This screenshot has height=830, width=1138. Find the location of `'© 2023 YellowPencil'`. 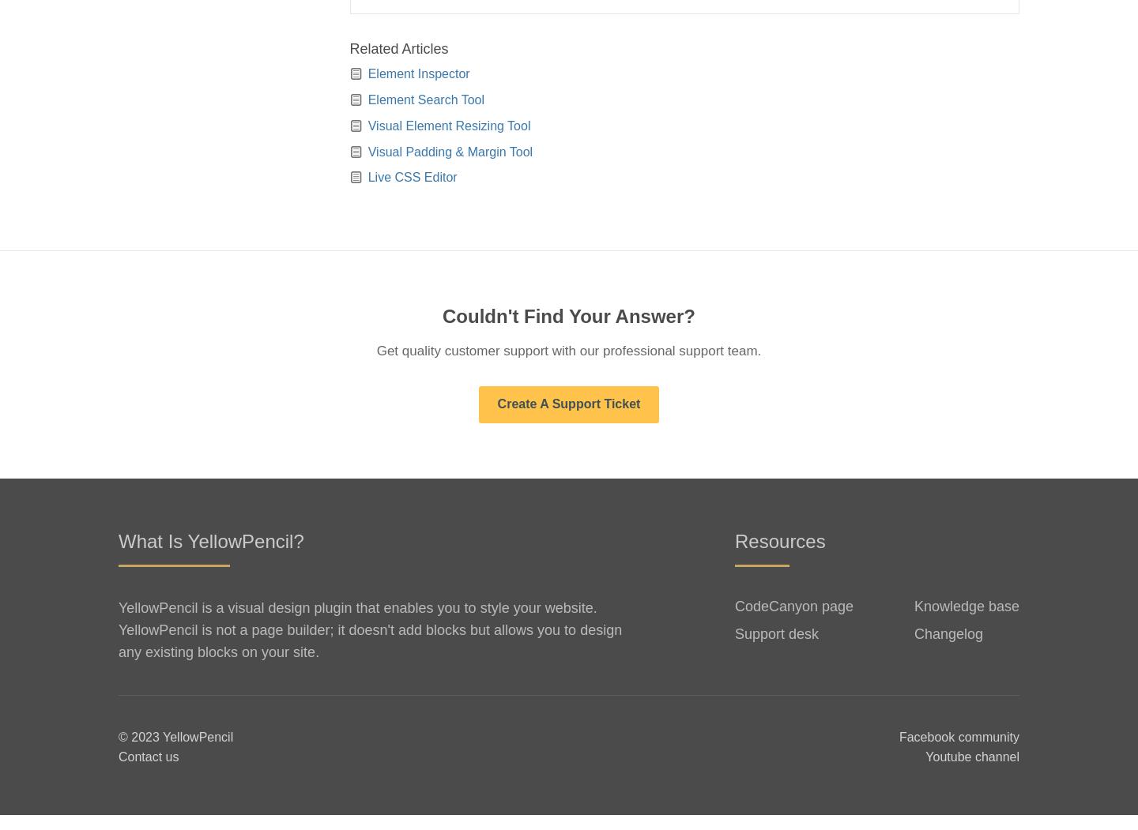

'© 2023 YellowPencil' is located at coordinates (175, 750).